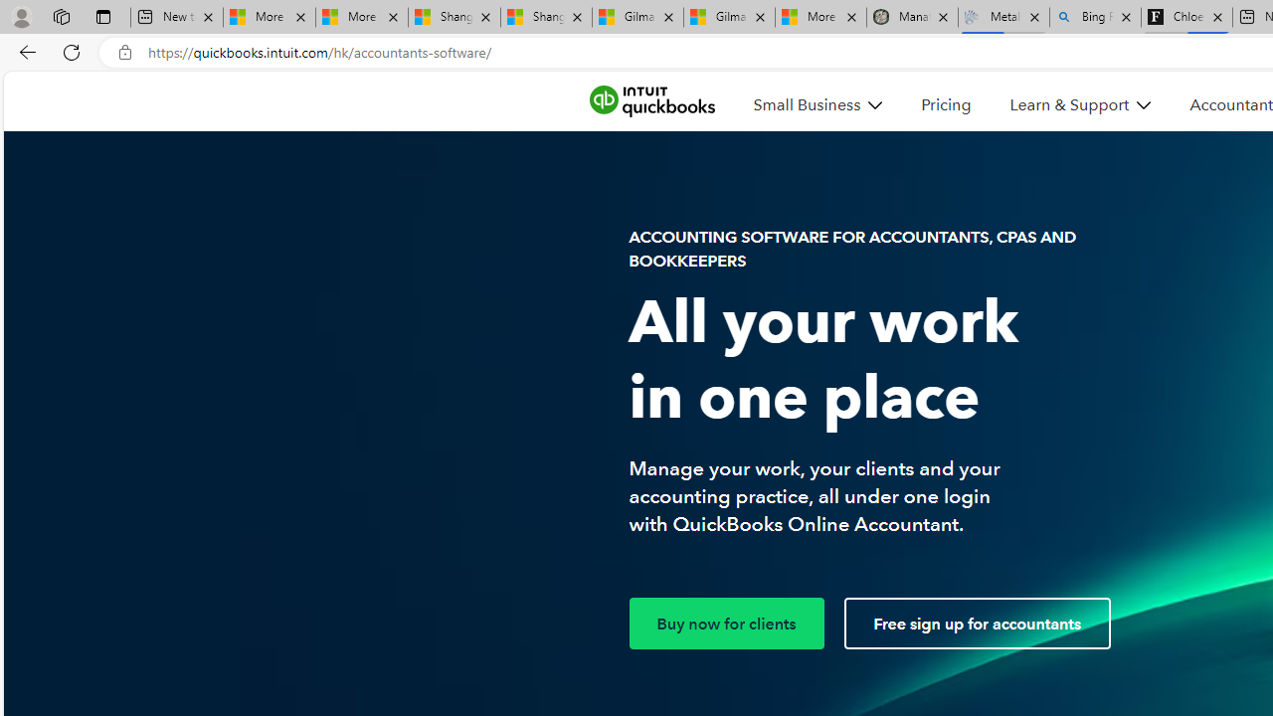 This screenshot has width=1273, height=716. I want to click on 'Small Business', so click(818, 104).